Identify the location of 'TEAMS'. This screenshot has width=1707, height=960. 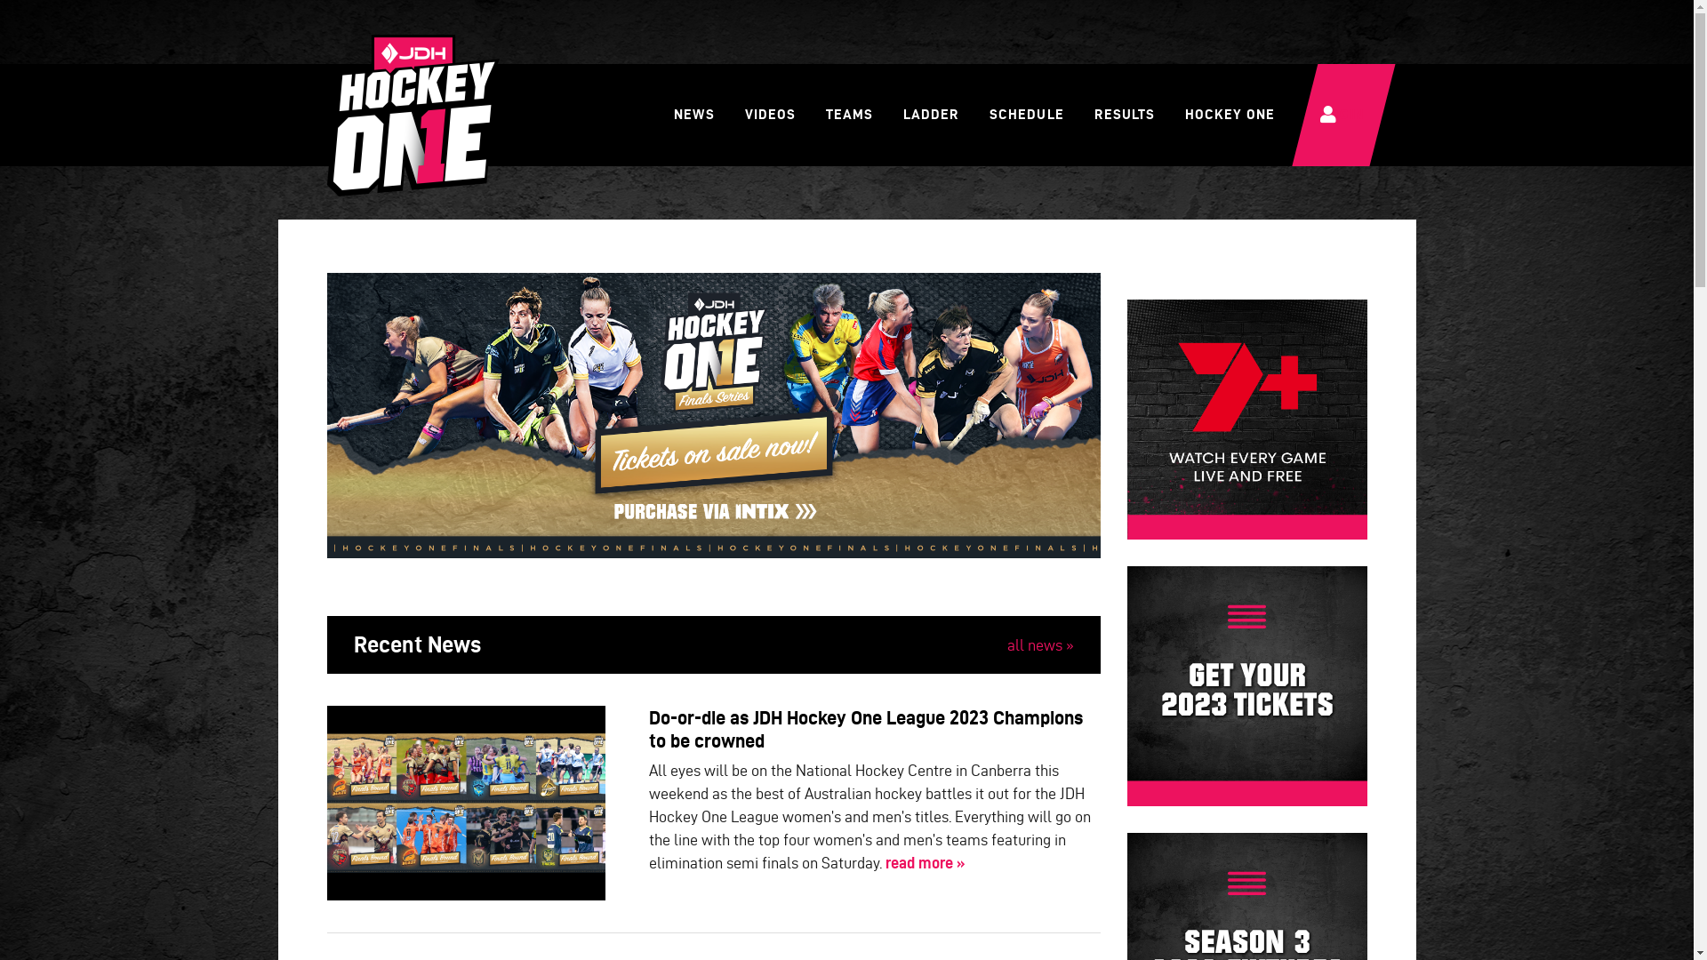
(848, 115).